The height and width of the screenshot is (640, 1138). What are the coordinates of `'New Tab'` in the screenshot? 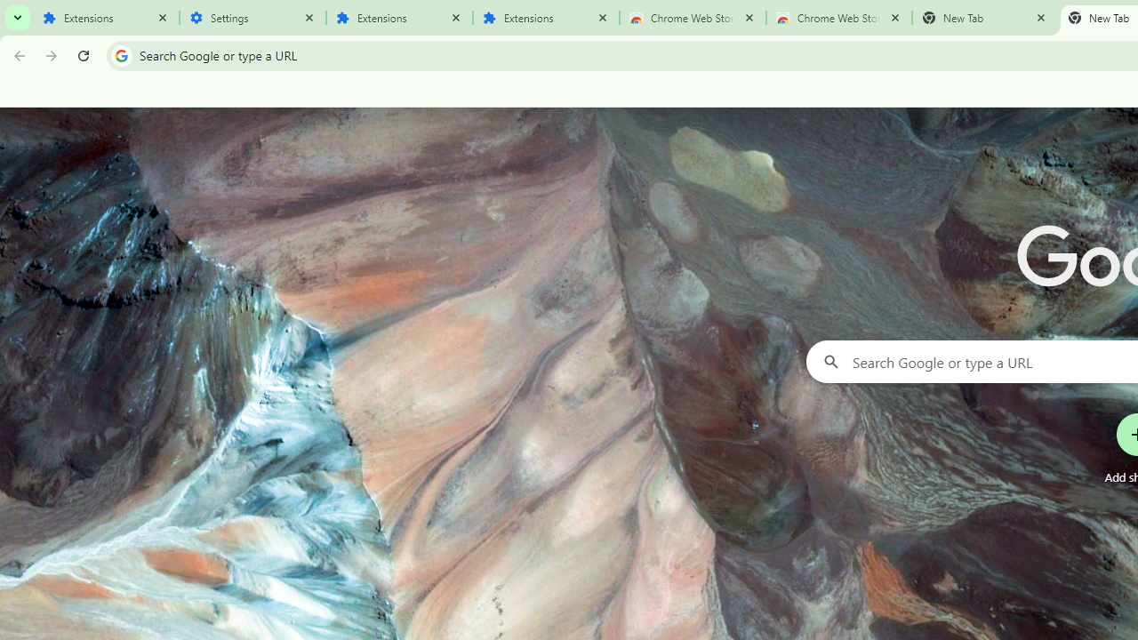 It's located at (984, 18).